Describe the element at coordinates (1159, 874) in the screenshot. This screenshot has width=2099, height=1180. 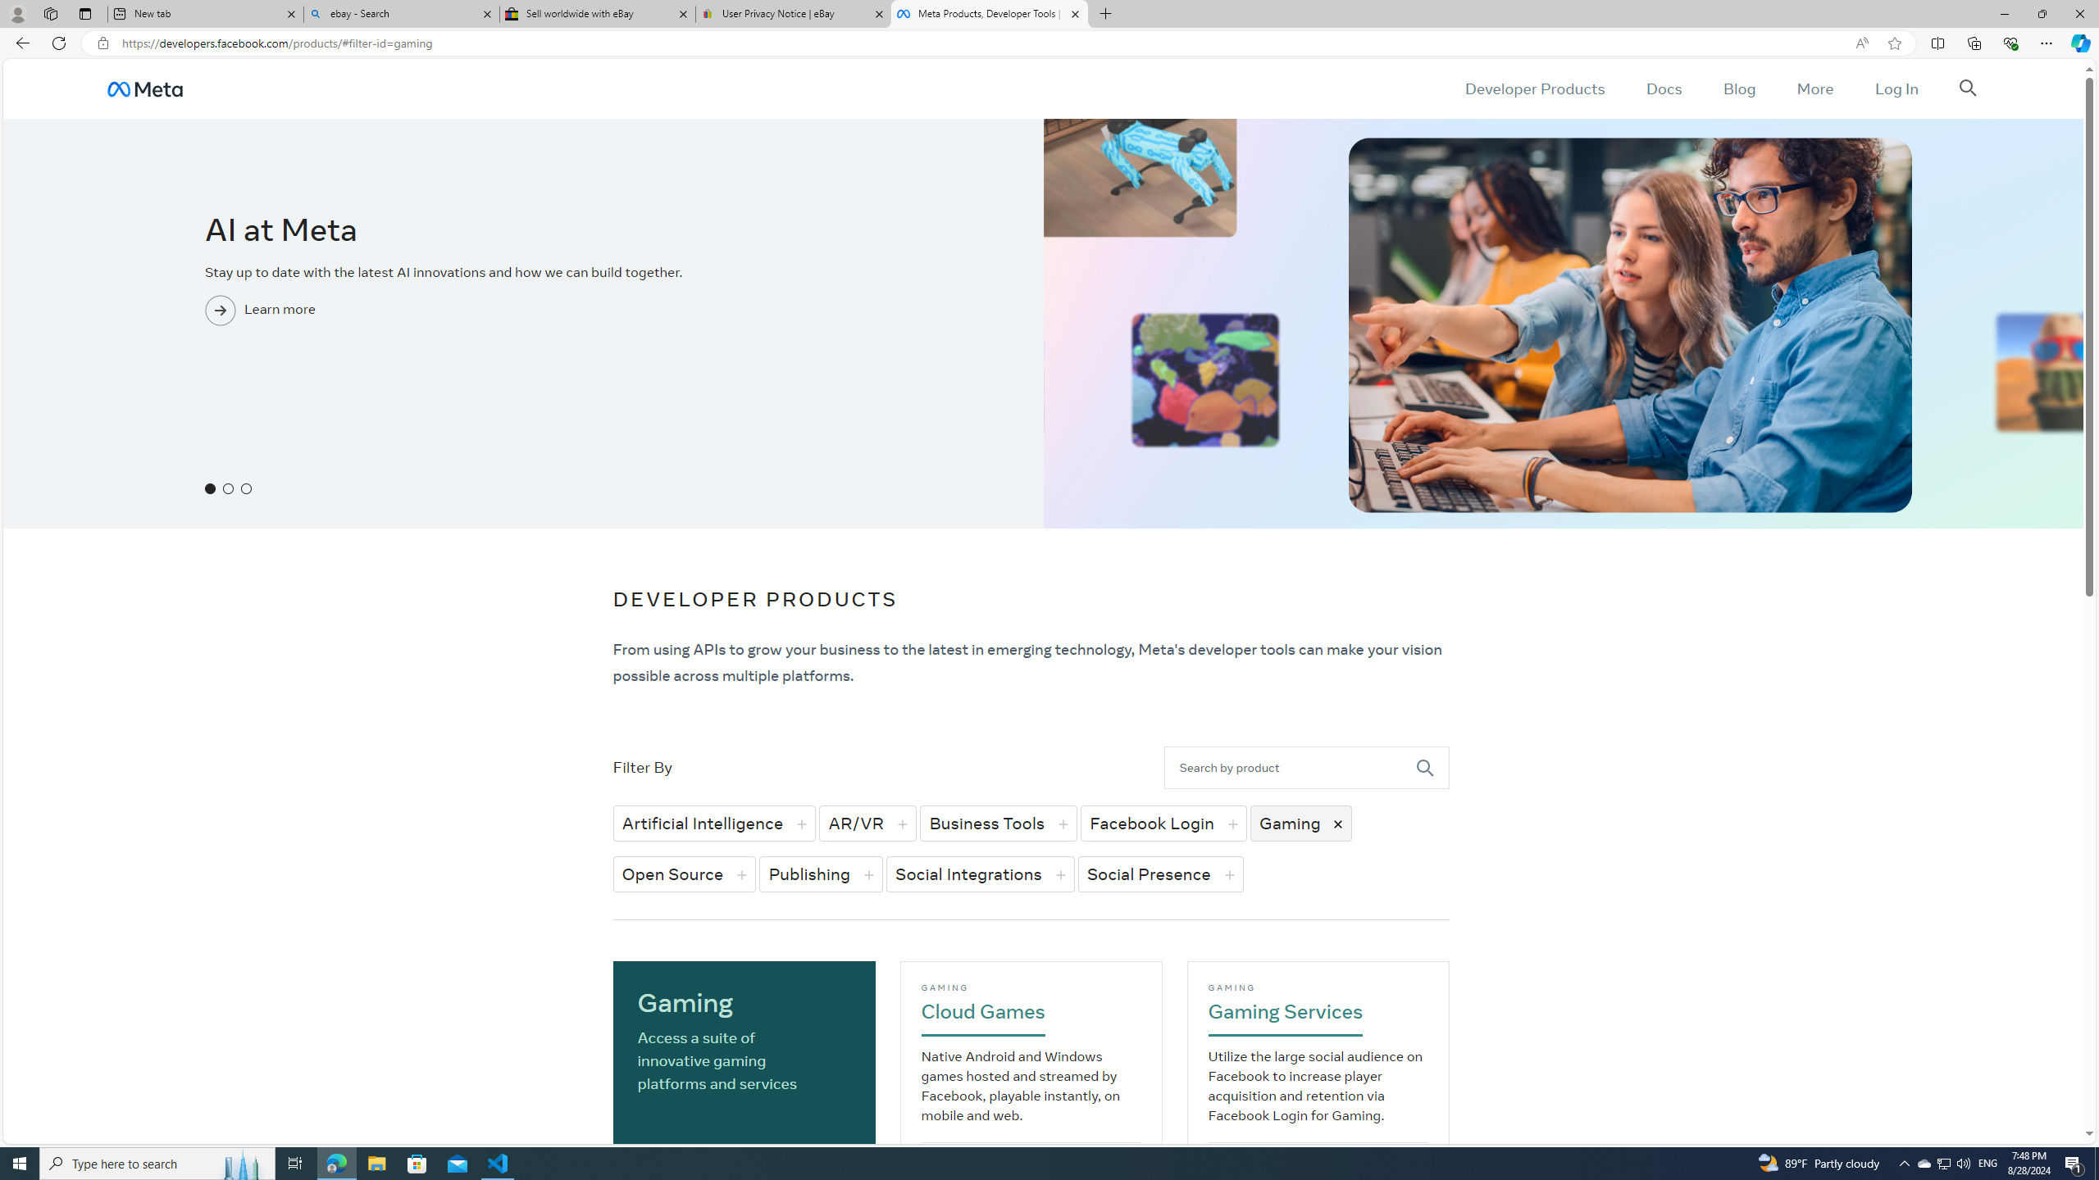
I see `'Social Presence'` at that location.